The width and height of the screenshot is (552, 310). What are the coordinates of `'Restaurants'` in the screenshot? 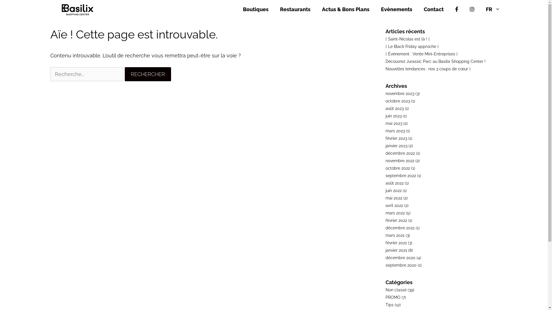 It's located at (295, 9).